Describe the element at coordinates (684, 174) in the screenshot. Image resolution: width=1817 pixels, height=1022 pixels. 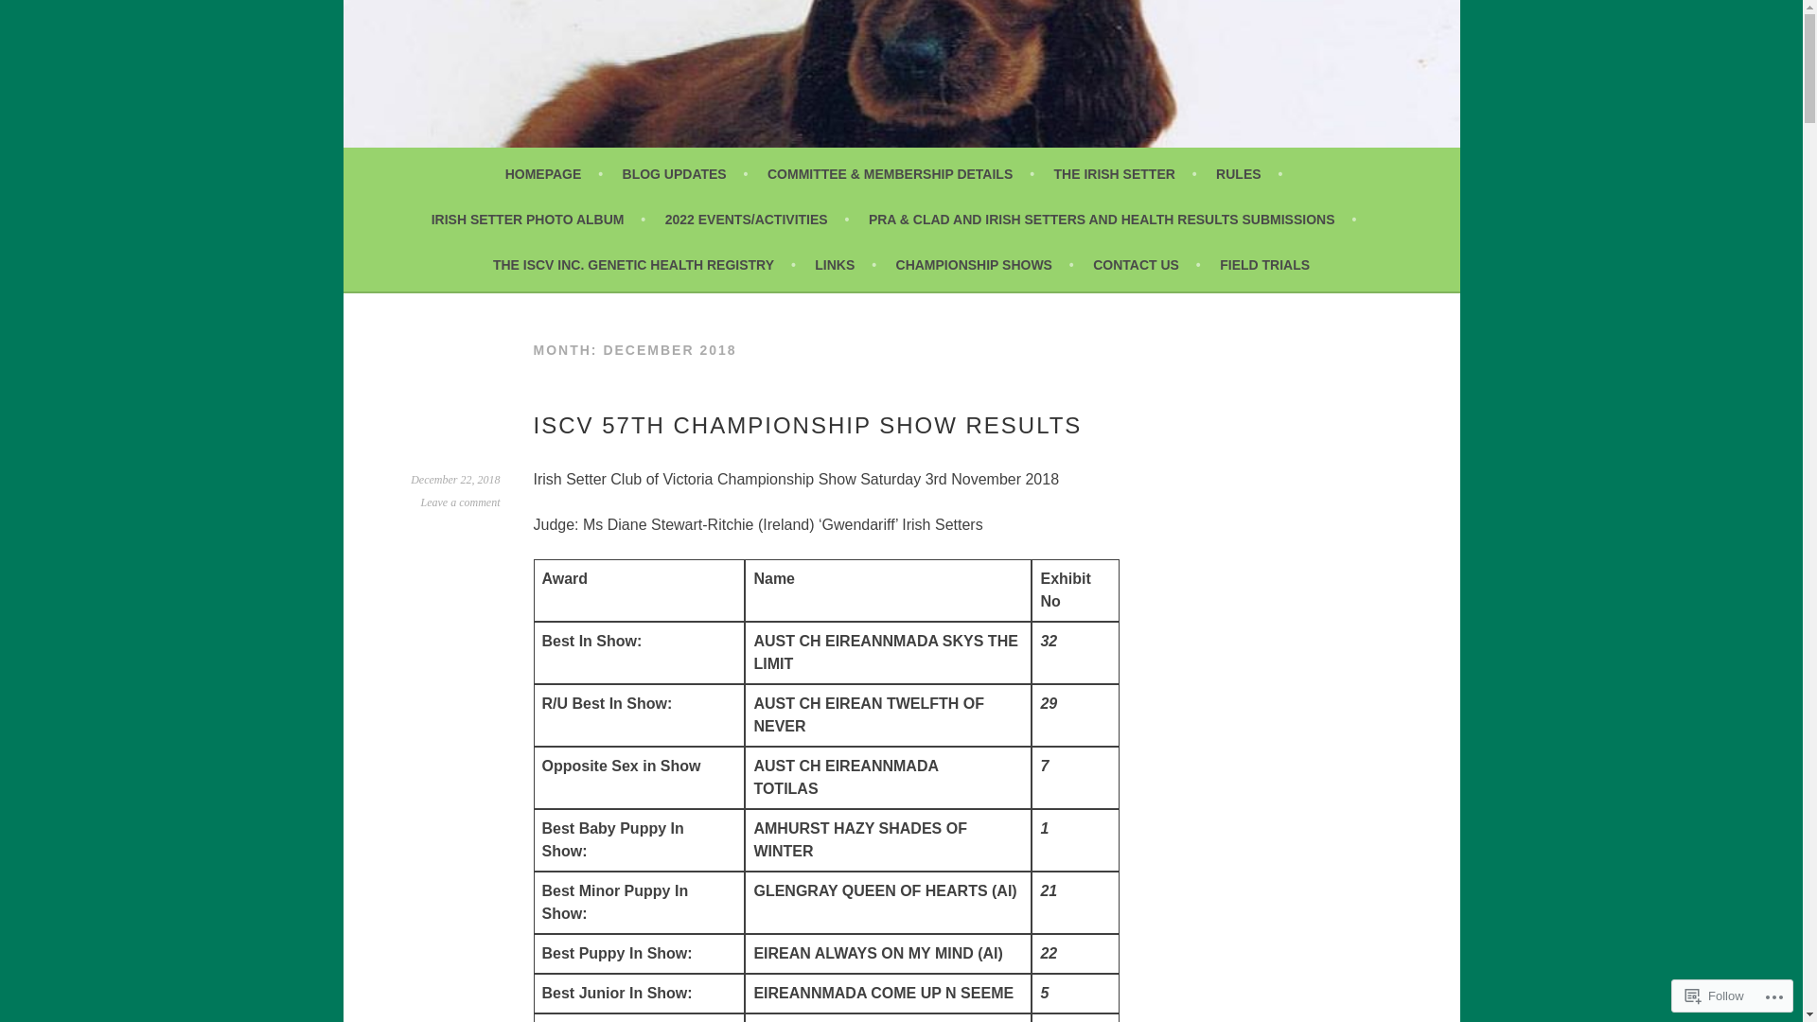
I see `'BLOG UPDATES'` at that location.